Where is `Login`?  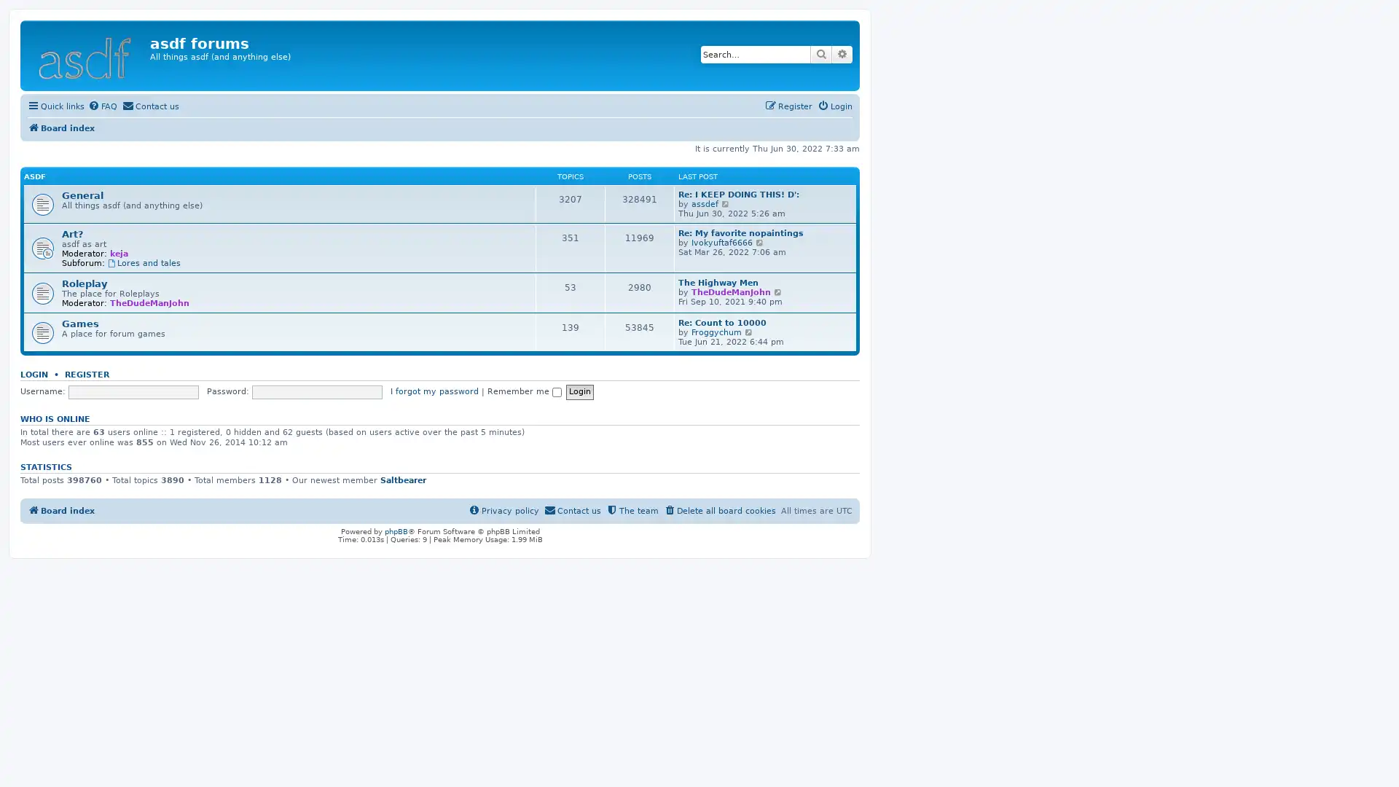 Login is located at coordinates (579, 391).